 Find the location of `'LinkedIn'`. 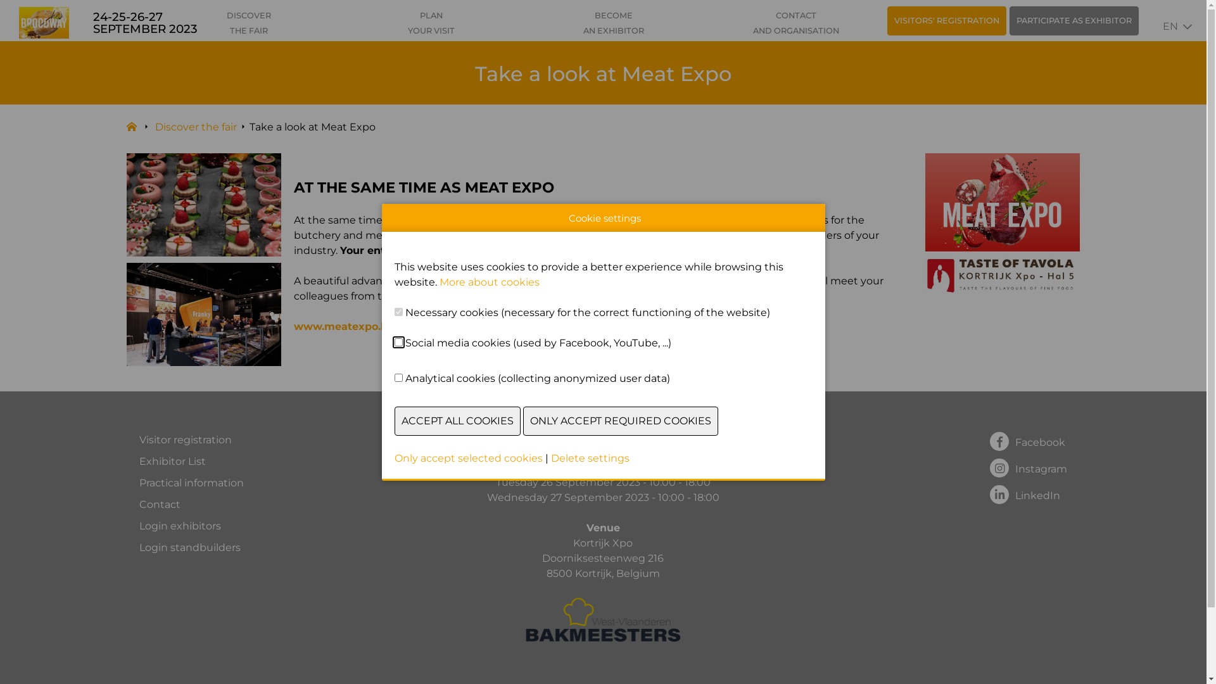

'LinkedIn' is located at coordinates (1028, 493).